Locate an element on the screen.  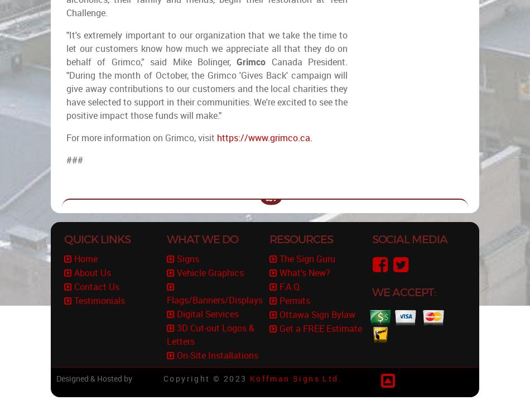
'3D Cut-out Logos & Letters' is located at coordinates (210, 334).